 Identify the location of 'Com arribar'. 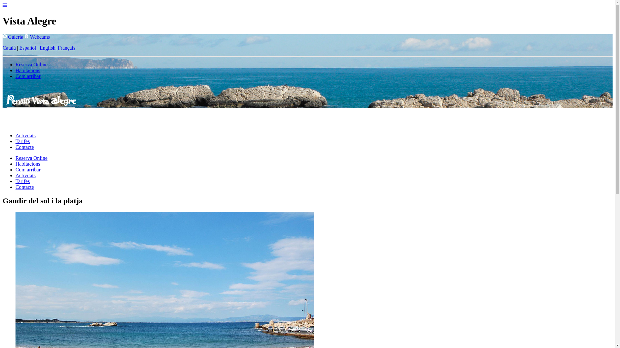
(27, 76).